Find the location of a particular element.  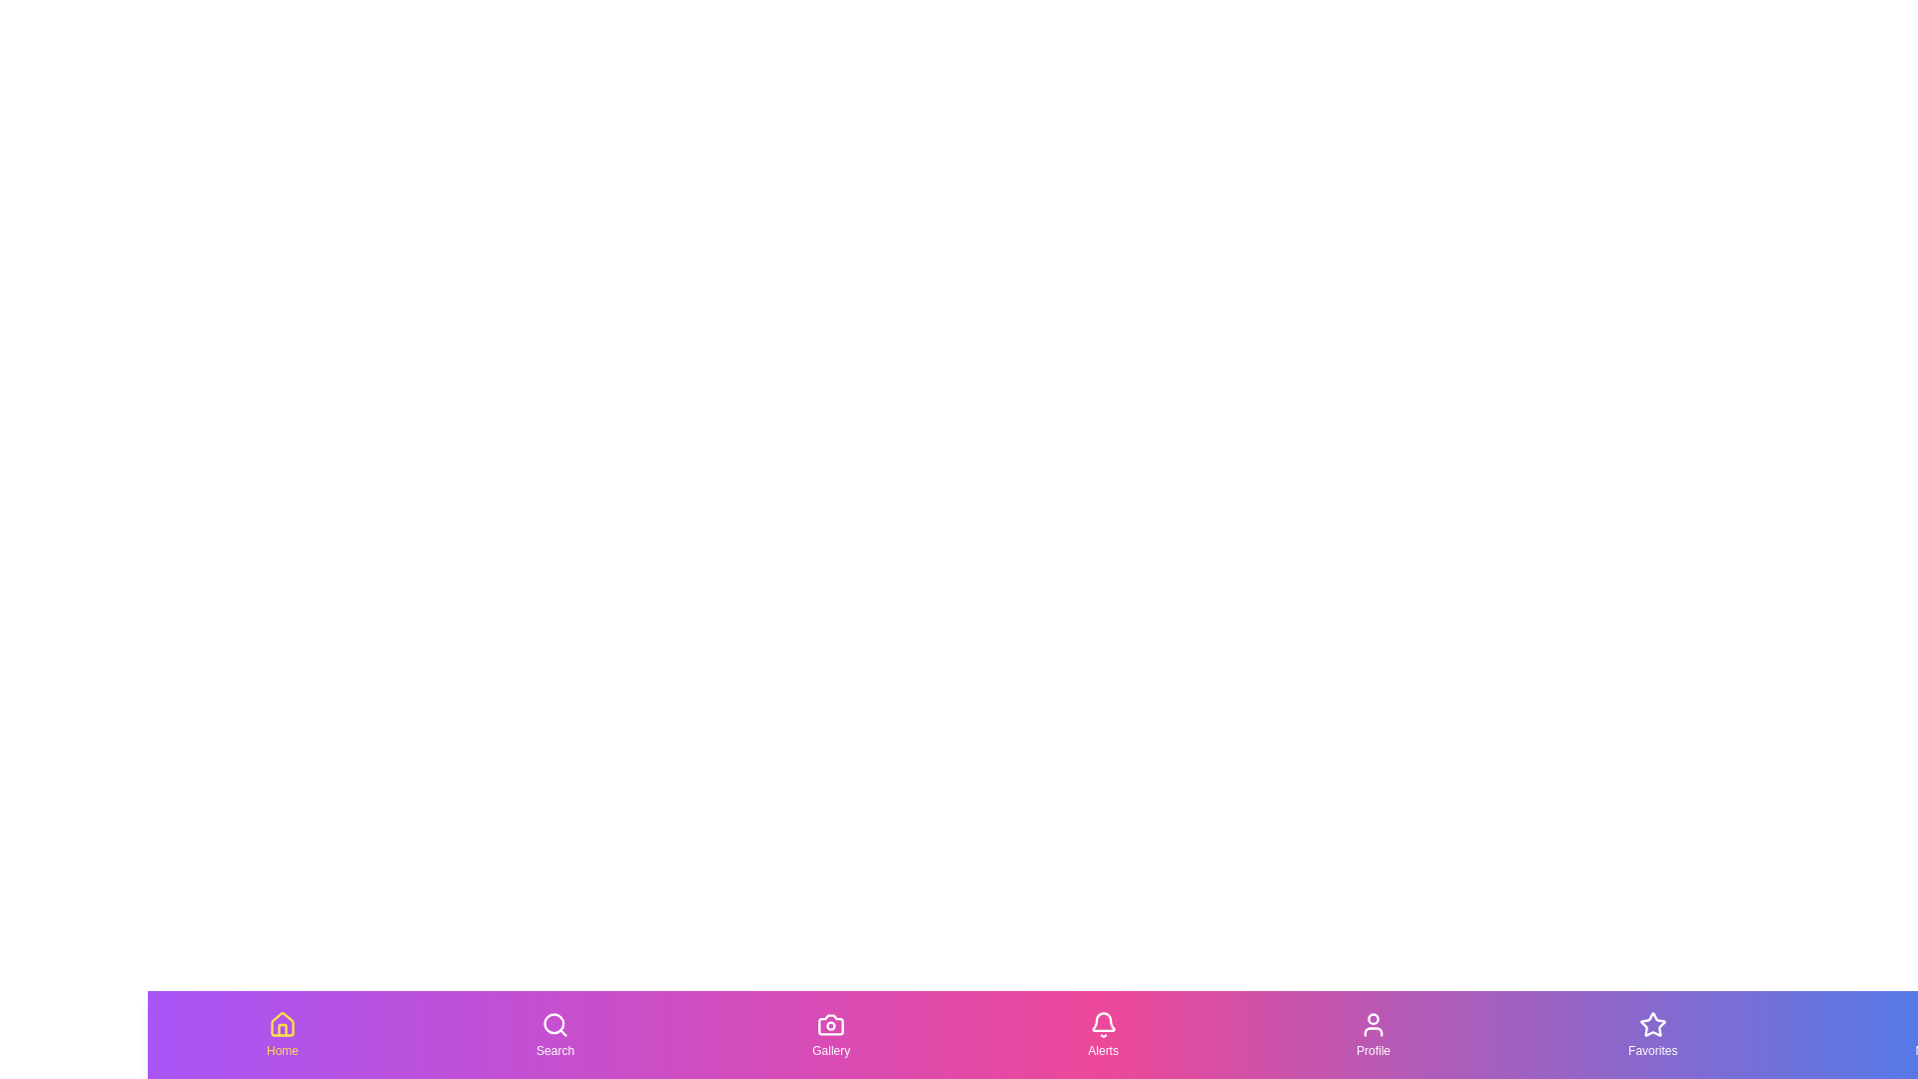

the Favorites tab by clicking on its button is located at coordinates (1652, 1034).